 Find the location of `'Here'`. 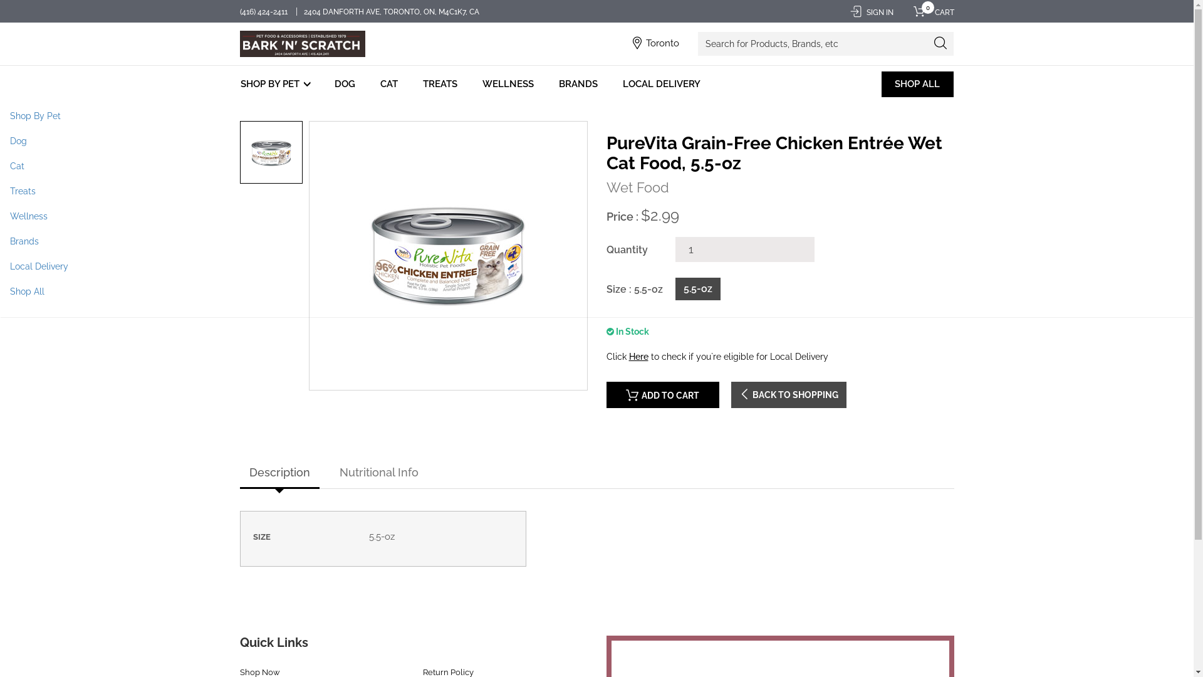

'Here' is located at coordinates (638, 357).